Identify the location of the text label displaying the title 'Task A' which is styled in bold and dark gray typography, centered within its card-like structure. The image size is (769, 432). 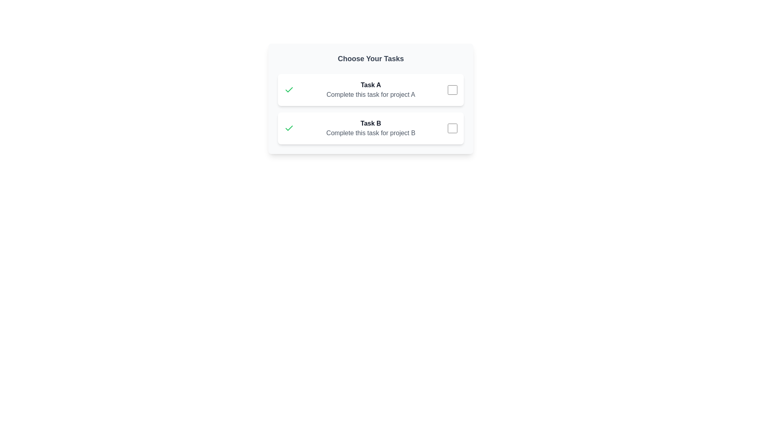
(370, 85).